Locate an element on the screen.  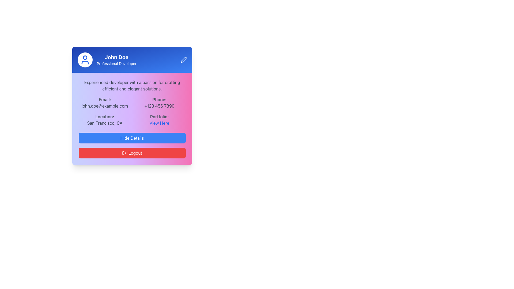
the hyperlink located below the 'Portfolio:' label in the lower-right section of the profile card is located at coordinates (159, 123).